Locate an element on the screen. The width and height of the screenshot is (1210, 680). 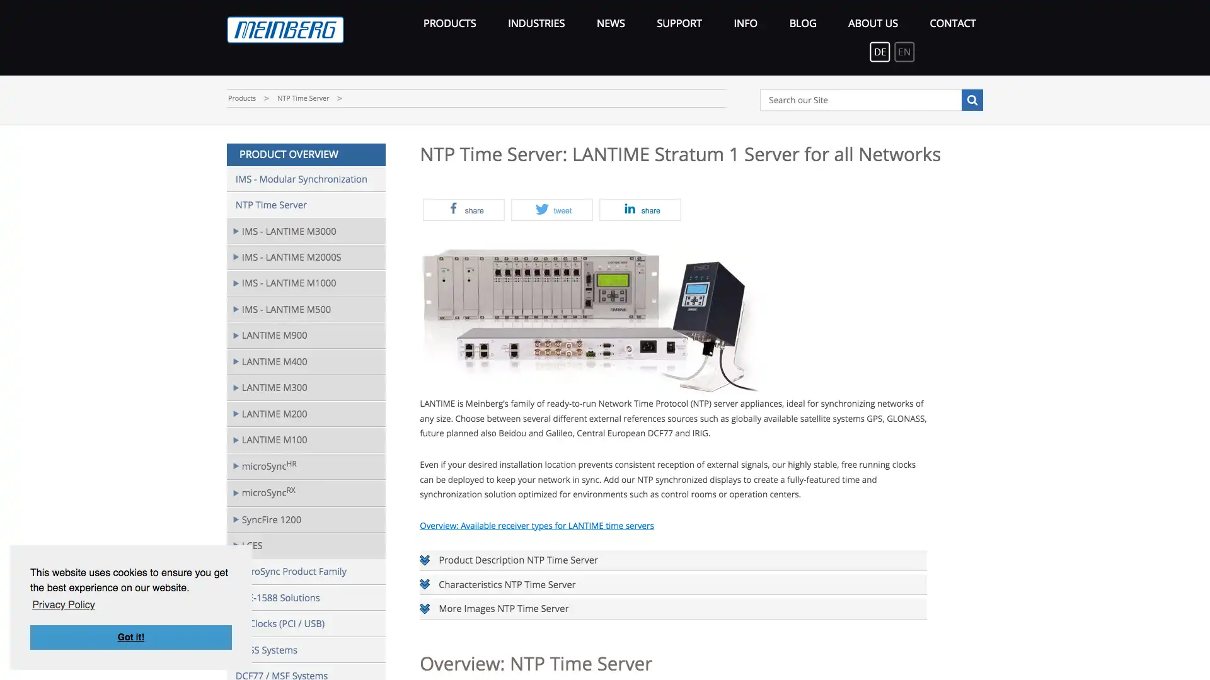
Share on LinkedIn is located at coordinates (640, 209).